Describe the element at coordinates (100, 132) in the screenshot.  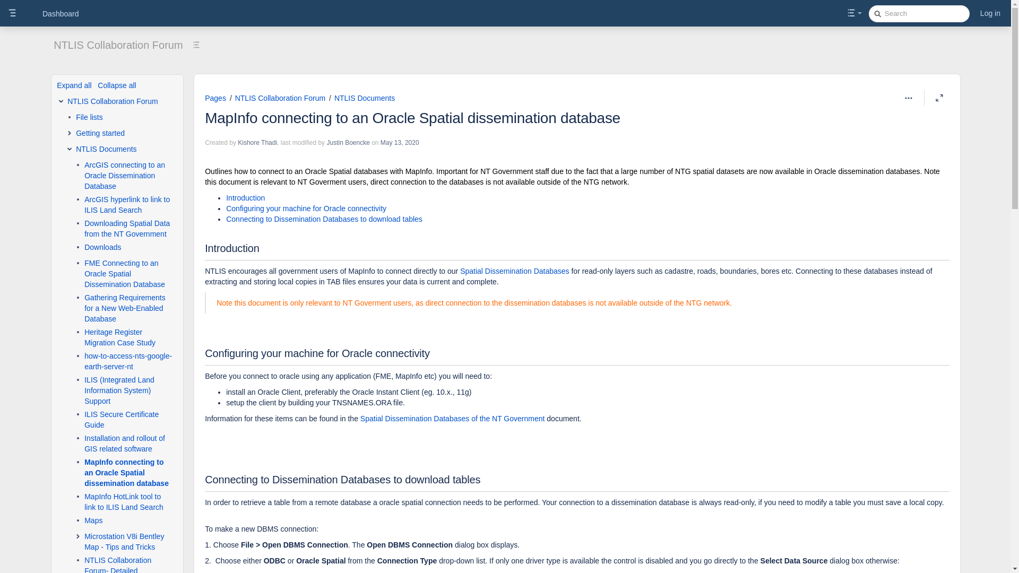
I see `'Getting started'` at that location.